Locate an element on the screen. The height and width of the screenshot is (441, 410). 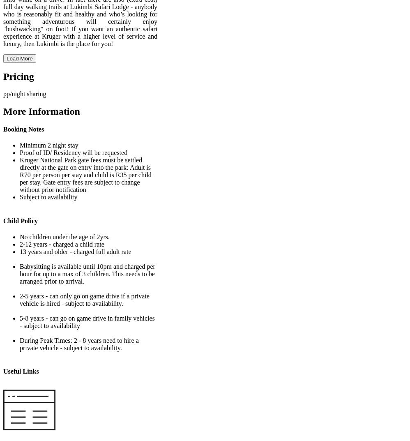
'5-8 years - can go on game drive in family vehicles - subject to availability' is located at coordinates (87, 321).